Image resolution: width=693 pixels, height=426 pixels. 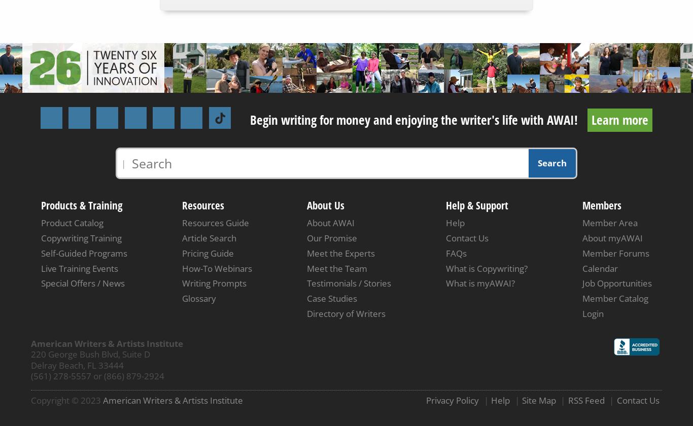 I want to click on 'Live Training Events', so click(x=79, y=268).